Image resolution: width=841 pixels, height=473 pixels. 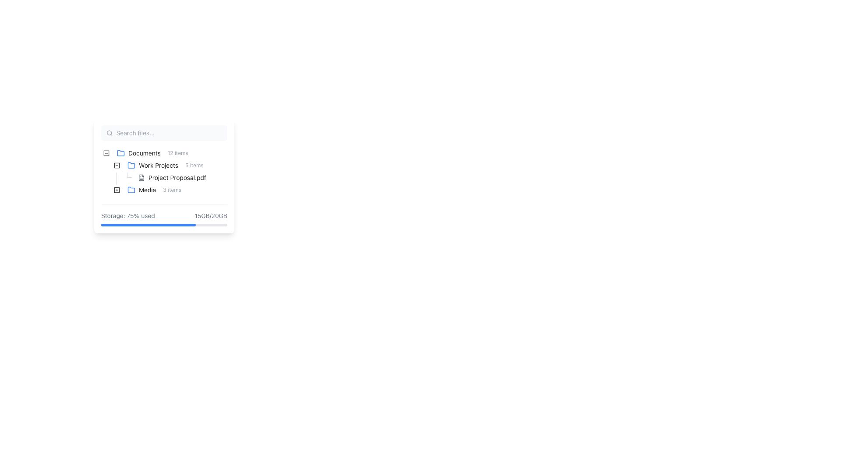 What do you see at coordinates (146, 153) in the screenshot?
I see `the expandable folder item at the top of the tree structure` at bounding box center [146, 153].